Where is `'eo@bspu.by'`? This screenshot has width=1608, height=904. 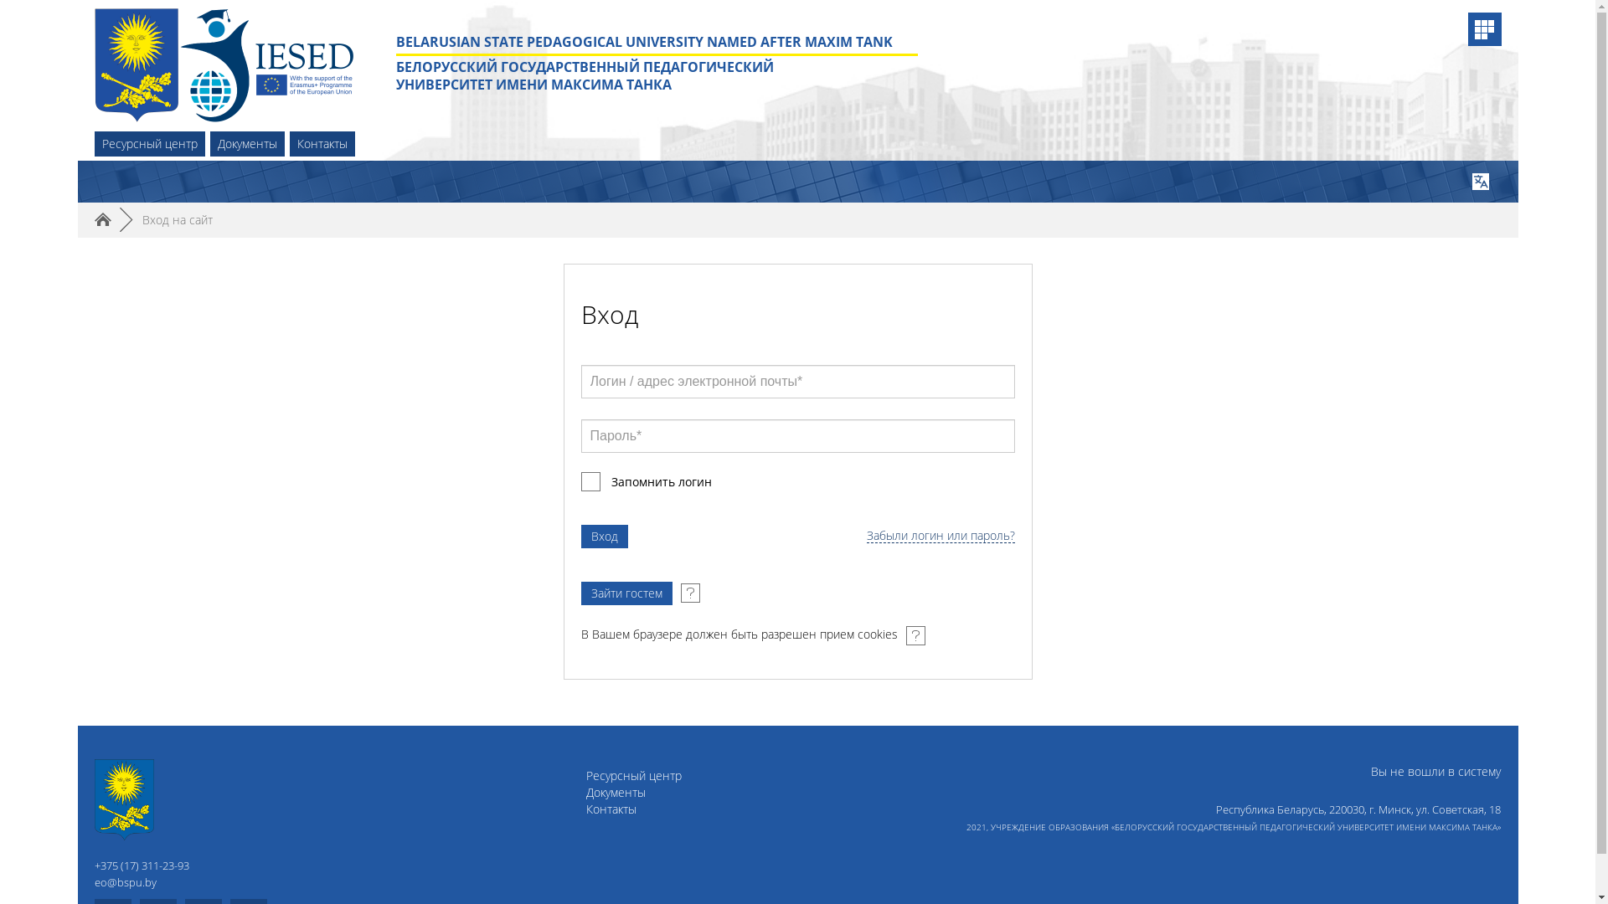
'eo@bspu.by' is located at coordinates (123, 881).